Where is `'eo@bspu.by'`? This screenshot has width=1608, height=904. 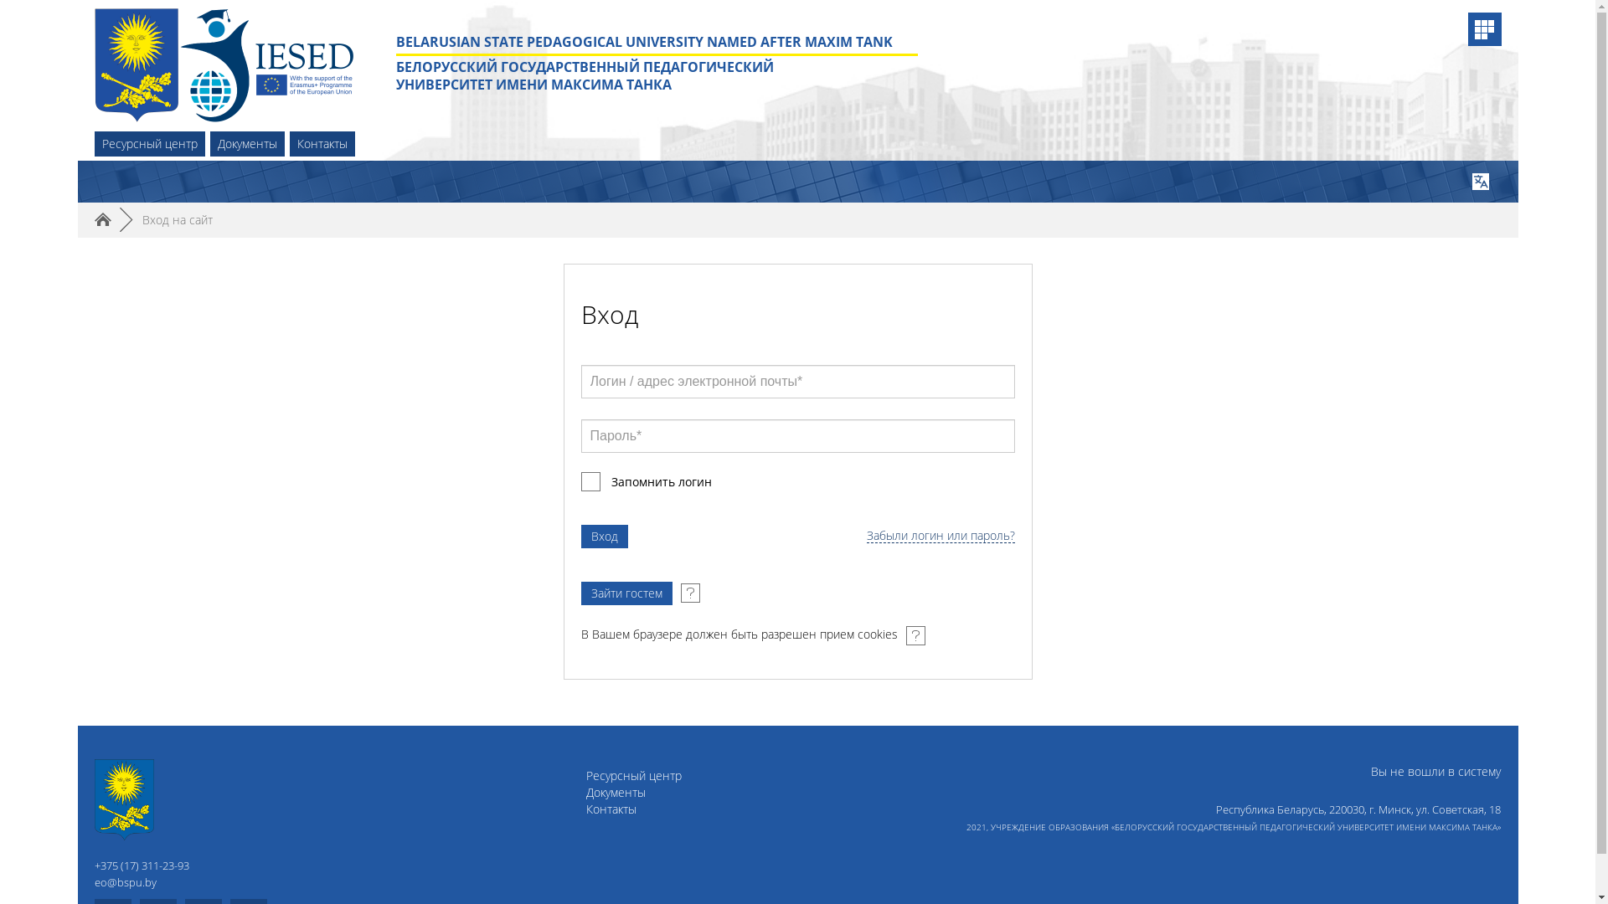
'eo@bspu.by' is located at coordinates (123, 881).